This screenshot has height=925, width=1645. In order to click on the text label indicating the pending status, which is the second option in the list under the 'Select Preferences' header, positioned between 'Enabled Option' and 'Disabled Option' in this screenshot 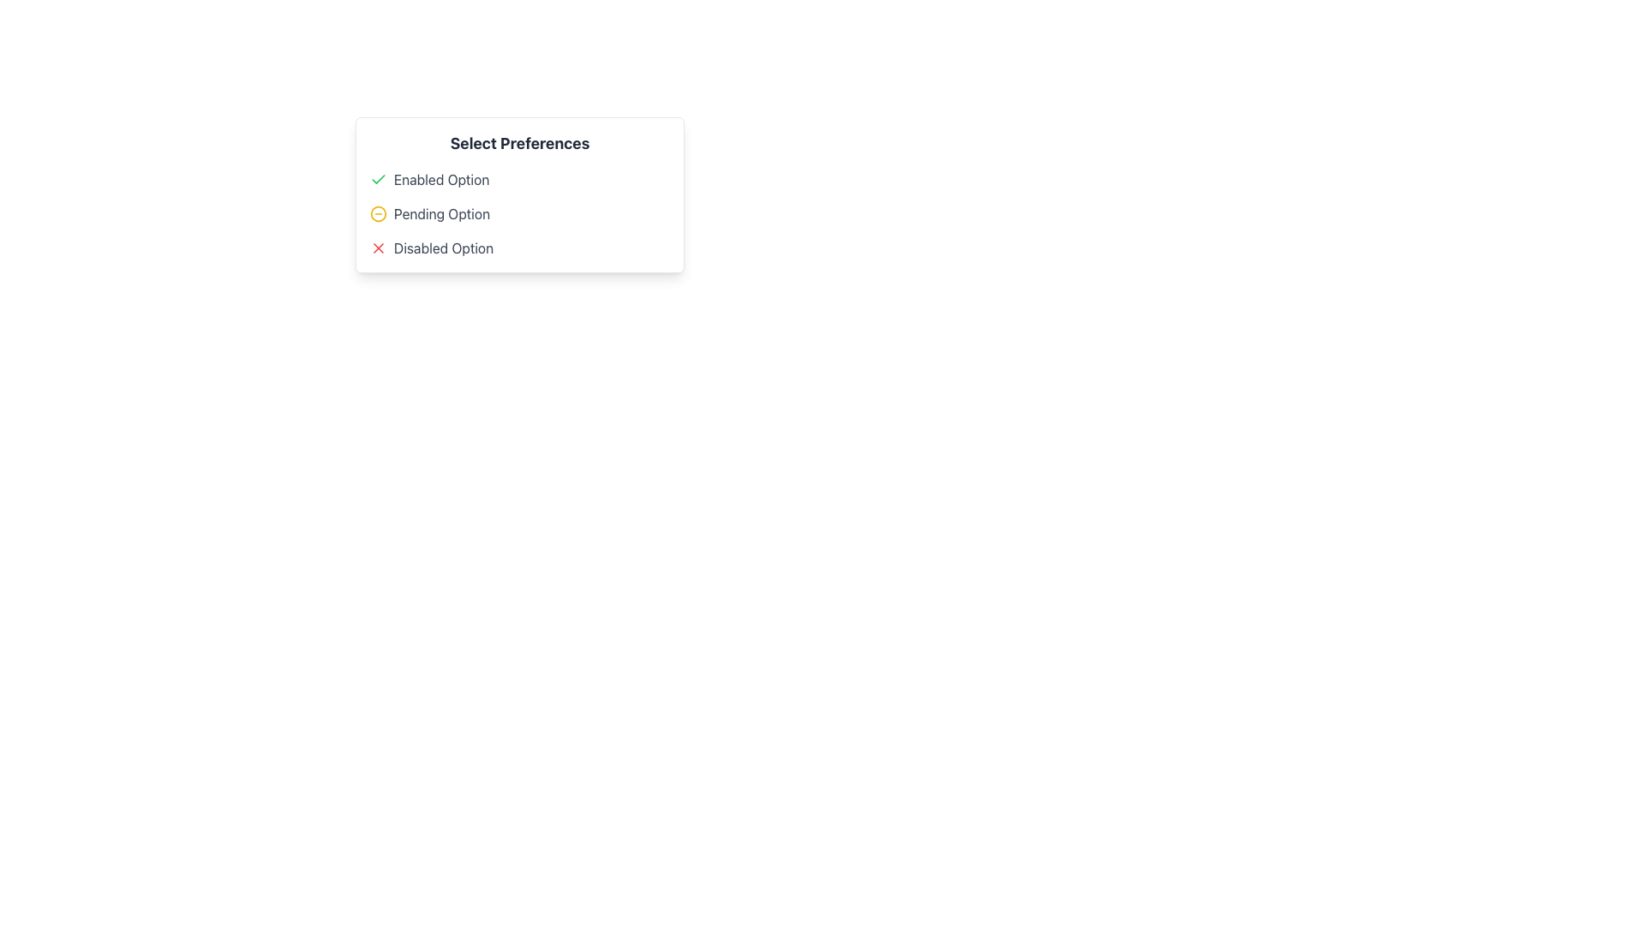, I will do `click(442, 213)`.